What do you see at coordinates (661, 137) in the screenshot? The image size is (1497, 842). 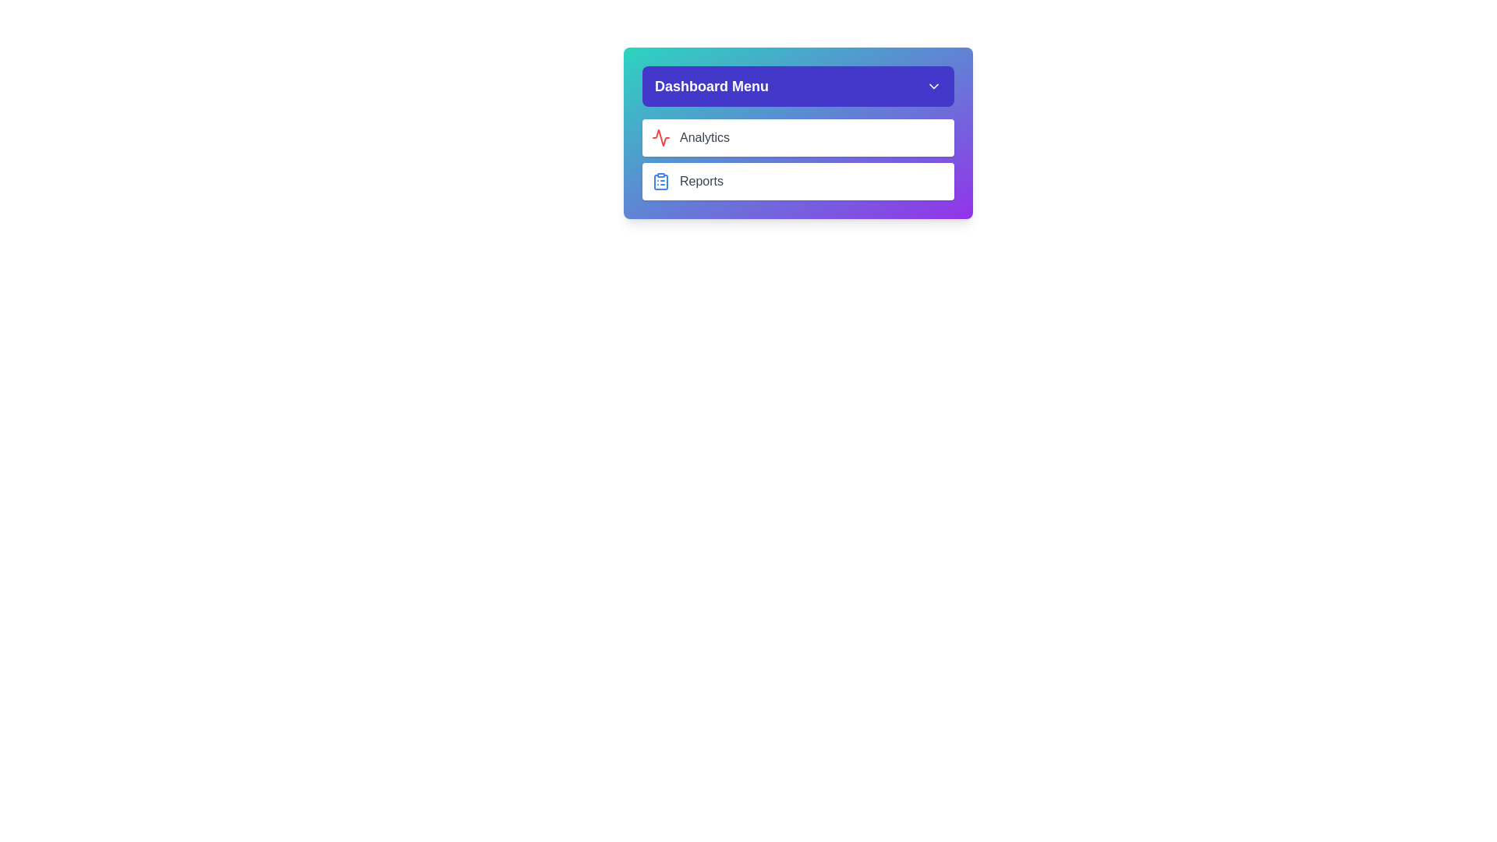 I see `the red icon resembling a graphical activity monitor located to the left of the 'Analytics' text in the top menu` at bounding box center [661, 137].